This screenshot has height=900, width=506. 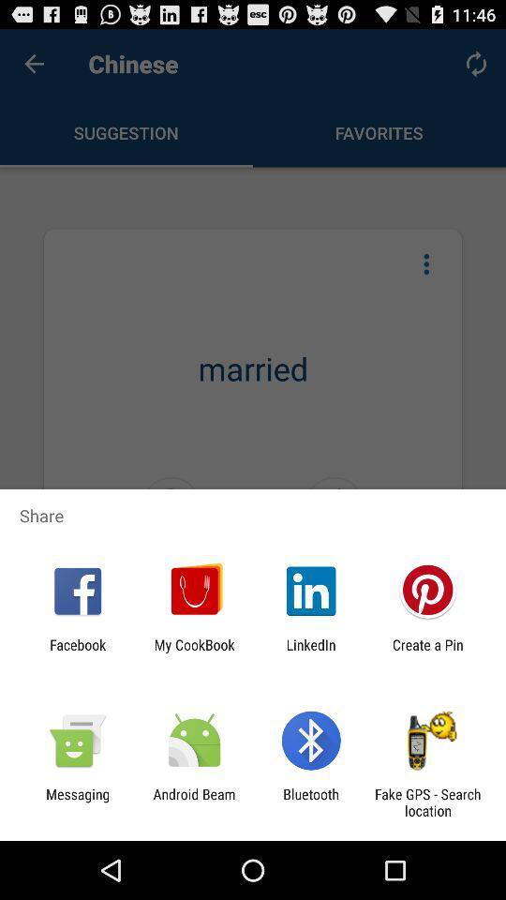 I want to click on the icon to the left of the my cookbook app, so click(x=77, y=652).